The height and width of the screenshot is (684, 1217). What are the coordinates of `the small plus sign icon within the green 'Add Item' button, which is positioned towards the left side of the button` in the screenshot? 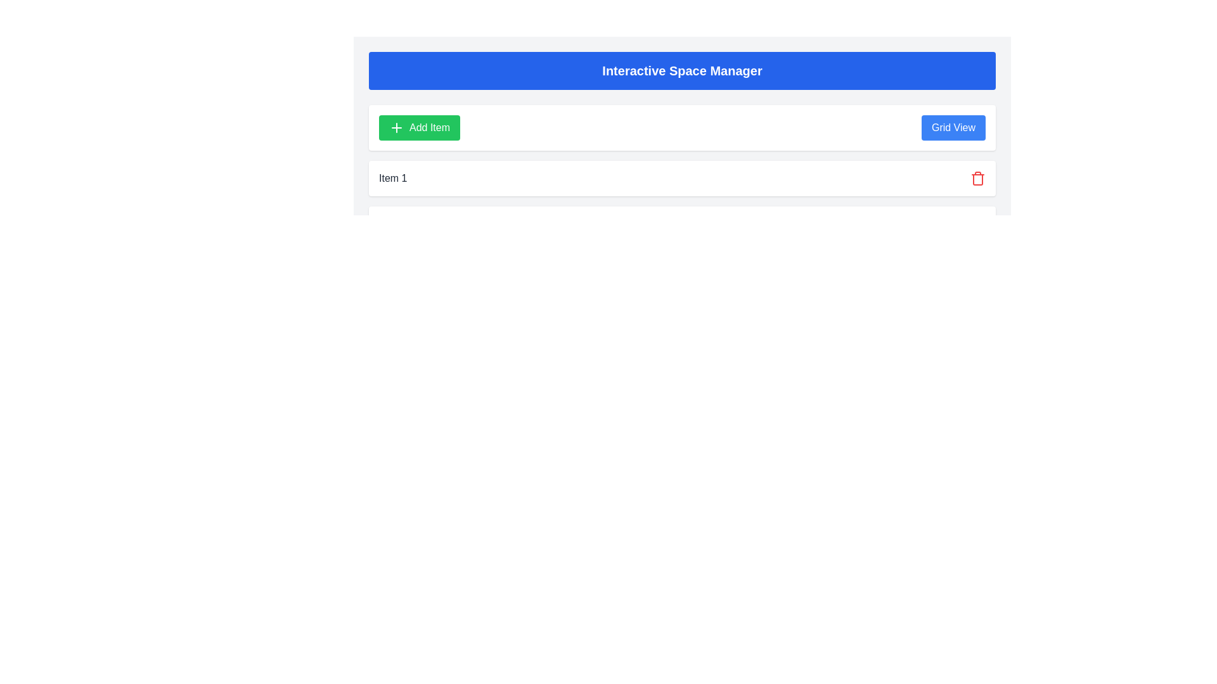 It's located at (396, 127).